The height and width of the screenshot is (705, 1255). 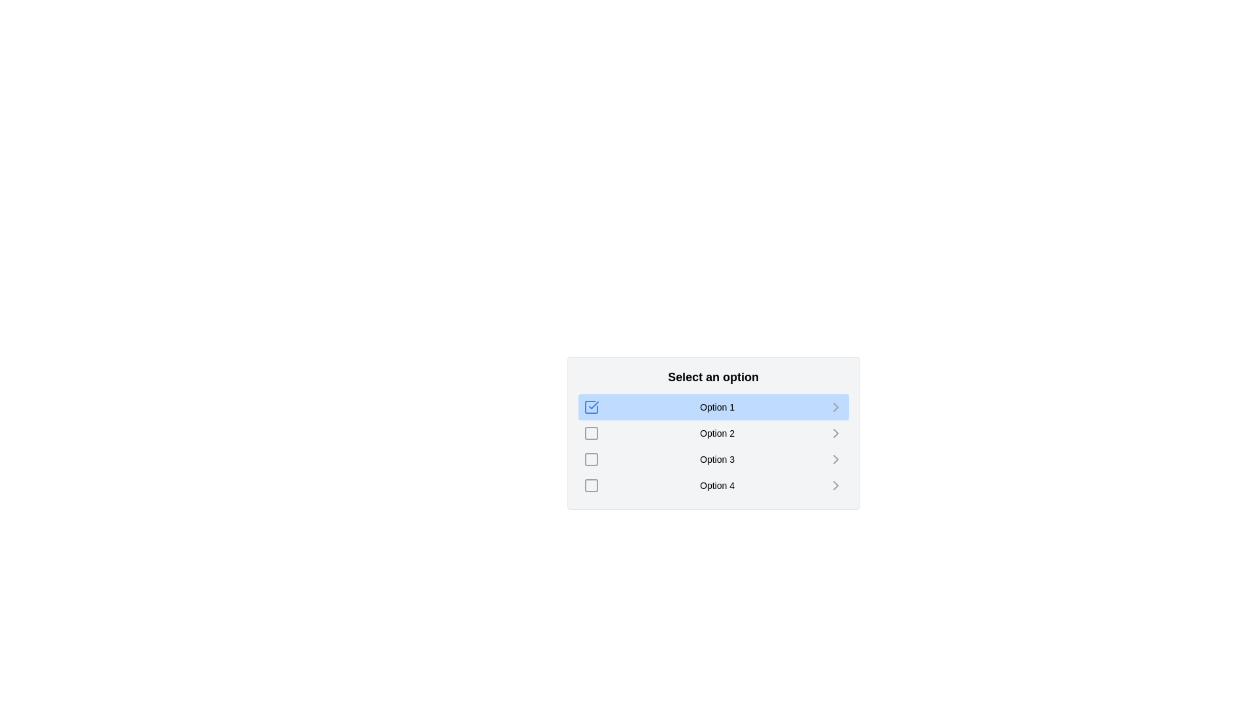 I want to click on the text label displaying 'Option 3' which is centrally aligned in the third row of the options list under the header 'Select an option', so click(x=716, y=459).